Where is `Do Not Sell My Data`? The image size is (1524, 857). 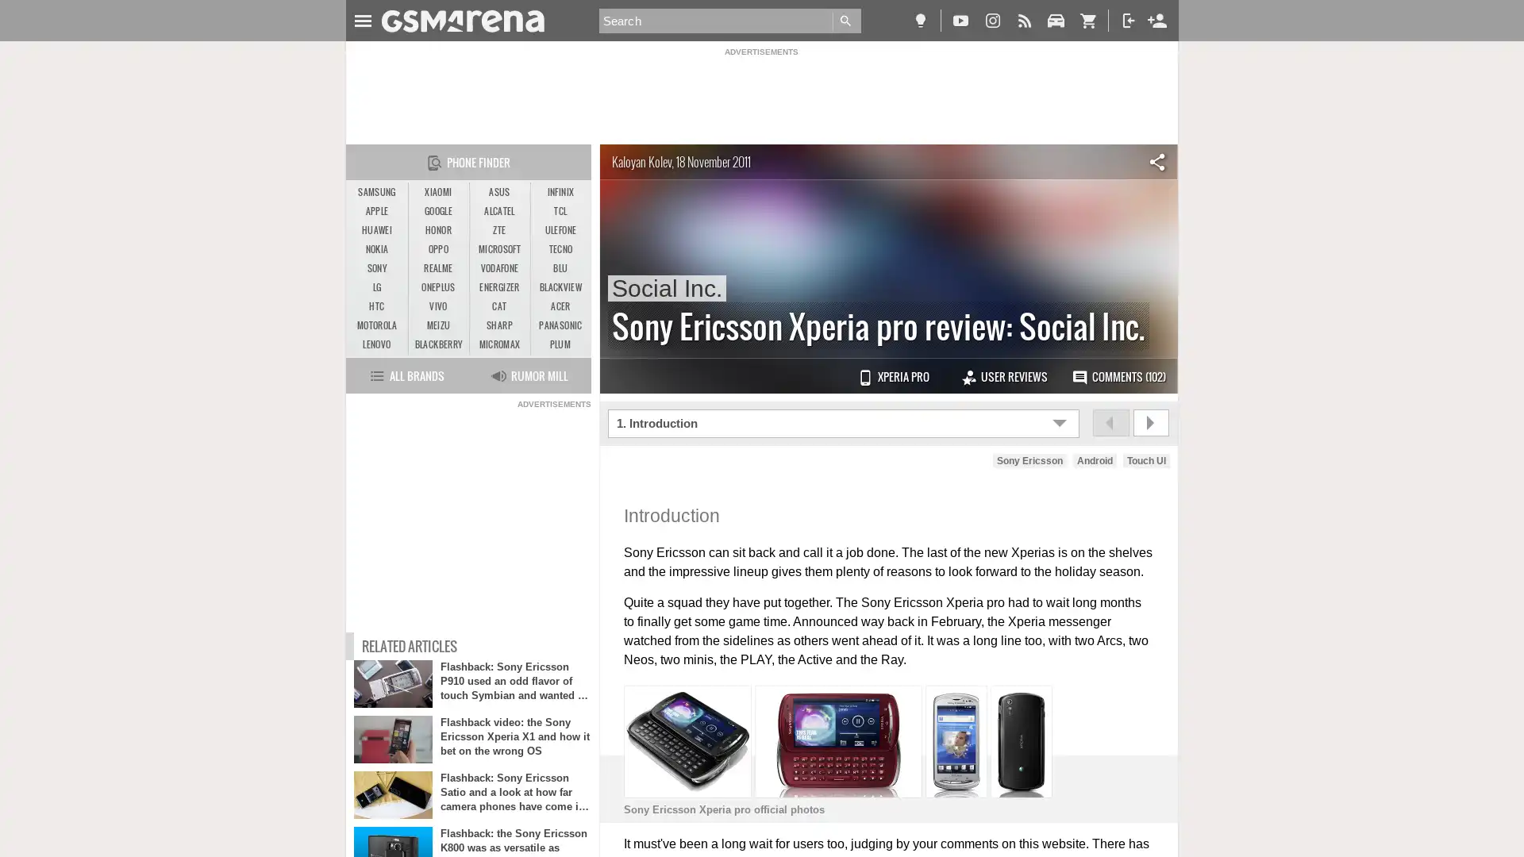
Do Not Sell My Data is located at coordinates (106, 828).